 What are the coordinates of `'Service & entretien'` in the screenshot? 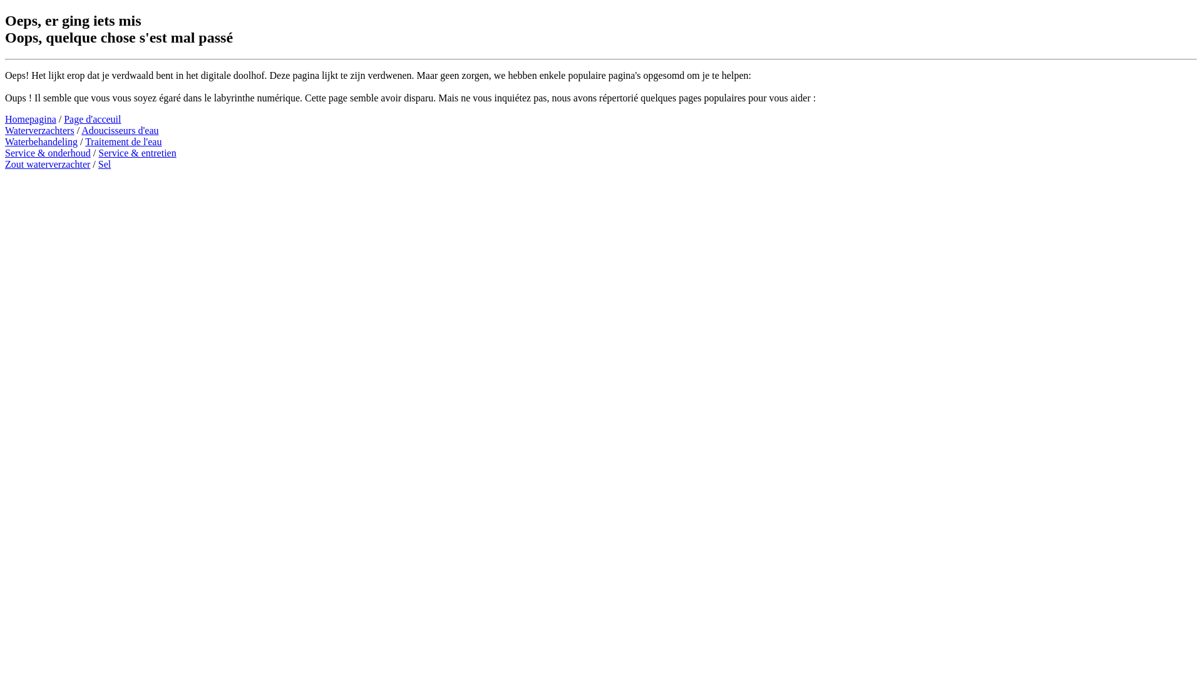 It's located at (98, 152).